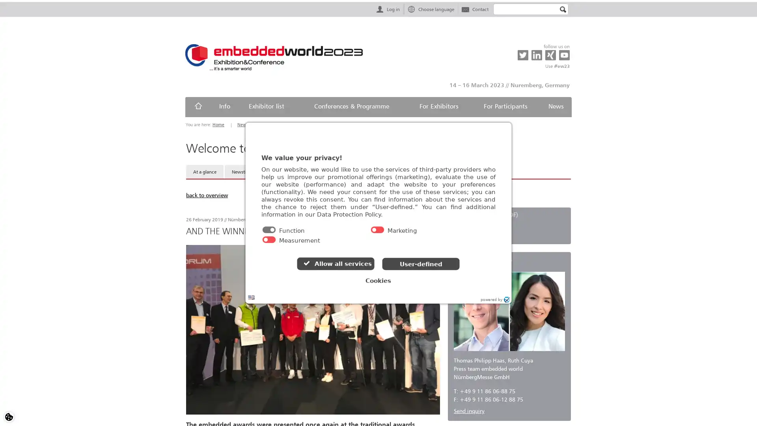 The height and width of the screenshot is (426, 757). What do you see at coordinates (474, 9) in the screenshot?
I see `placeholder Contact` at bounding box center [474, 9].